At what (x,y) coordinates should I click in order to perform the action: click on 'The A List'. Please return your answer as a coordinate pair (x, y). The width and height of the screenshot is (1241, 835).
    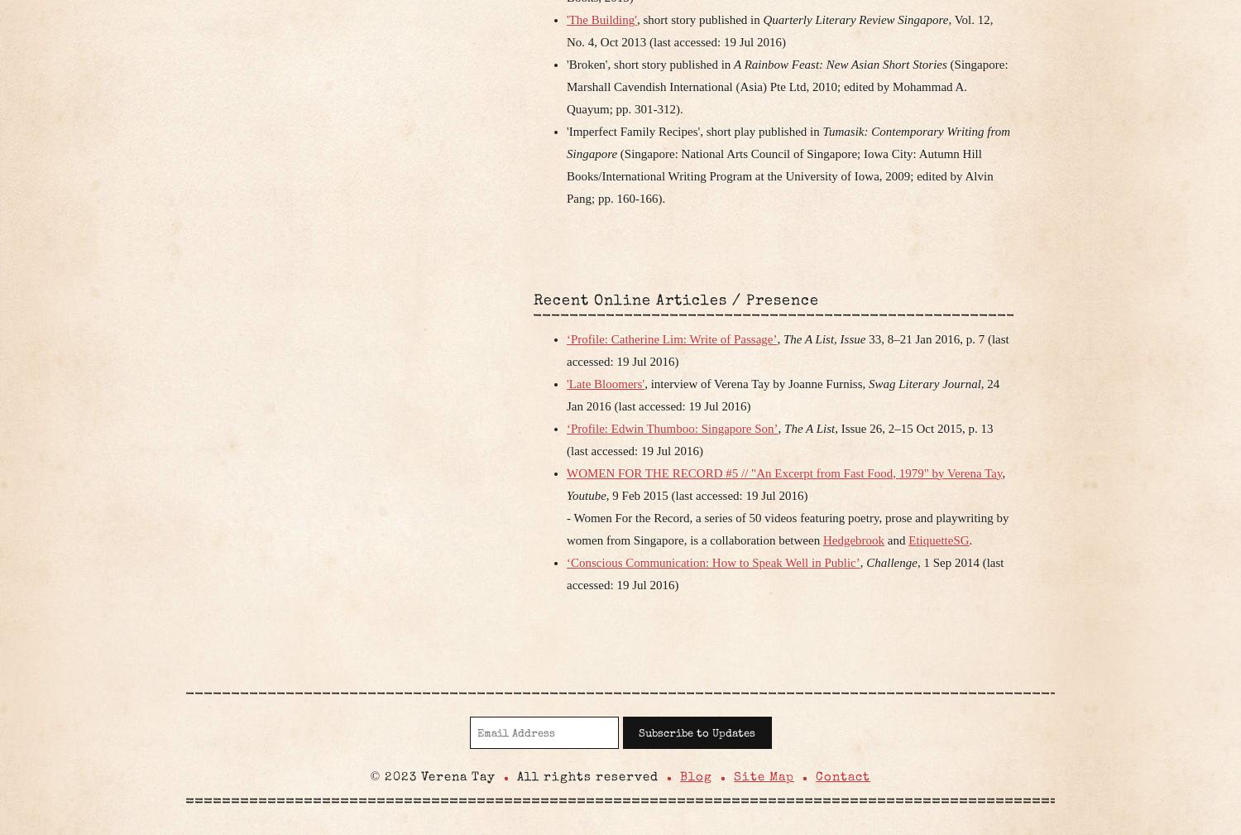
    Looking at the image, I should click on (808, 428).